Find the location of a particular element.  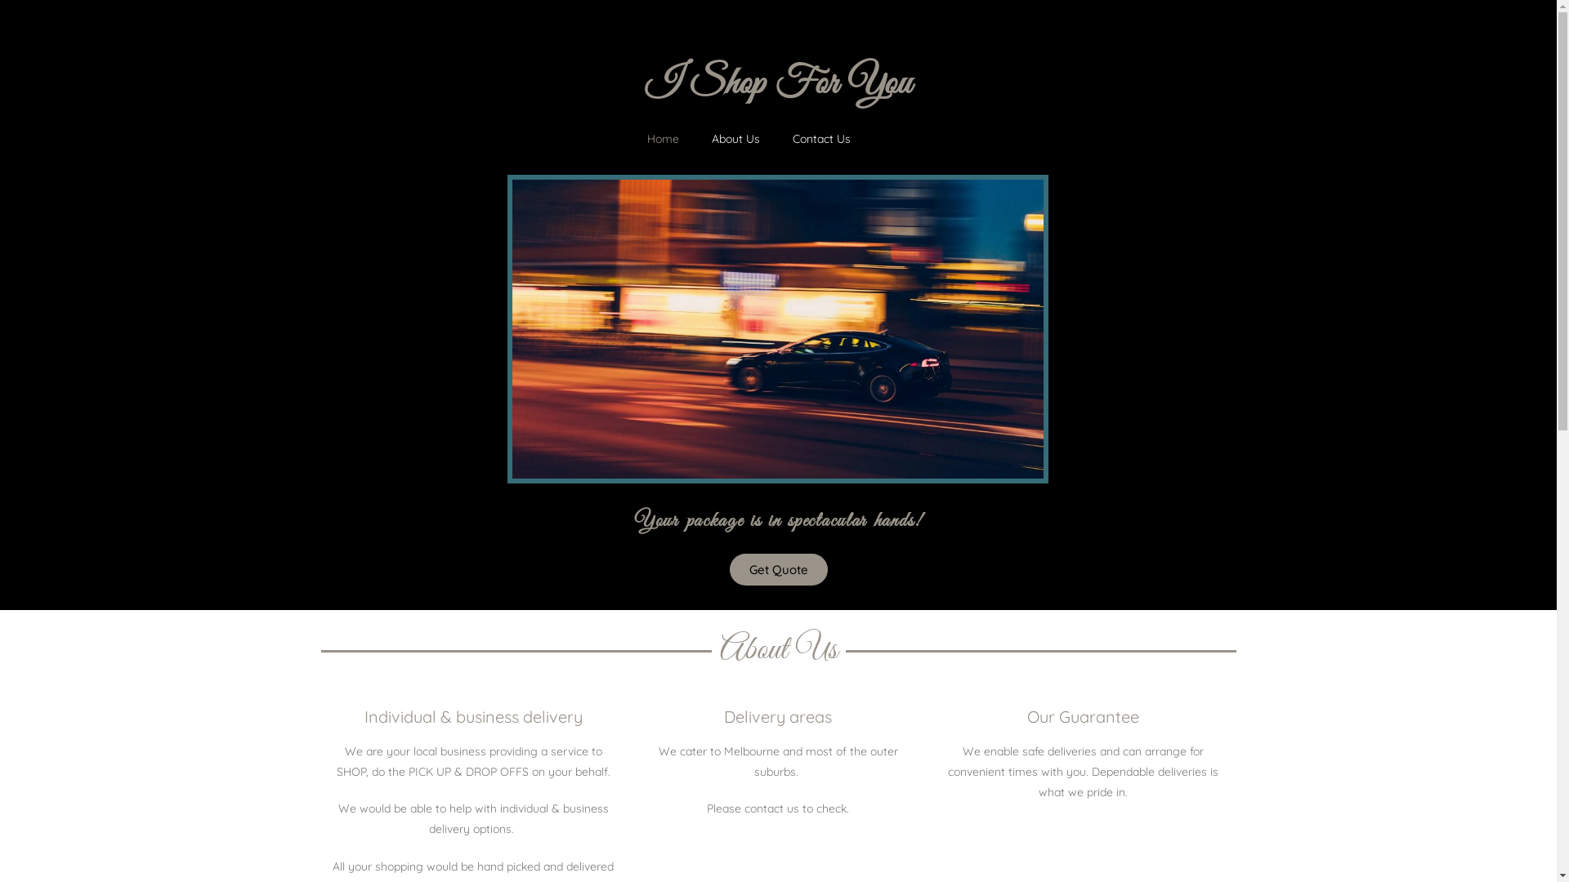

'About Us' is located at coordinates (735, 137).